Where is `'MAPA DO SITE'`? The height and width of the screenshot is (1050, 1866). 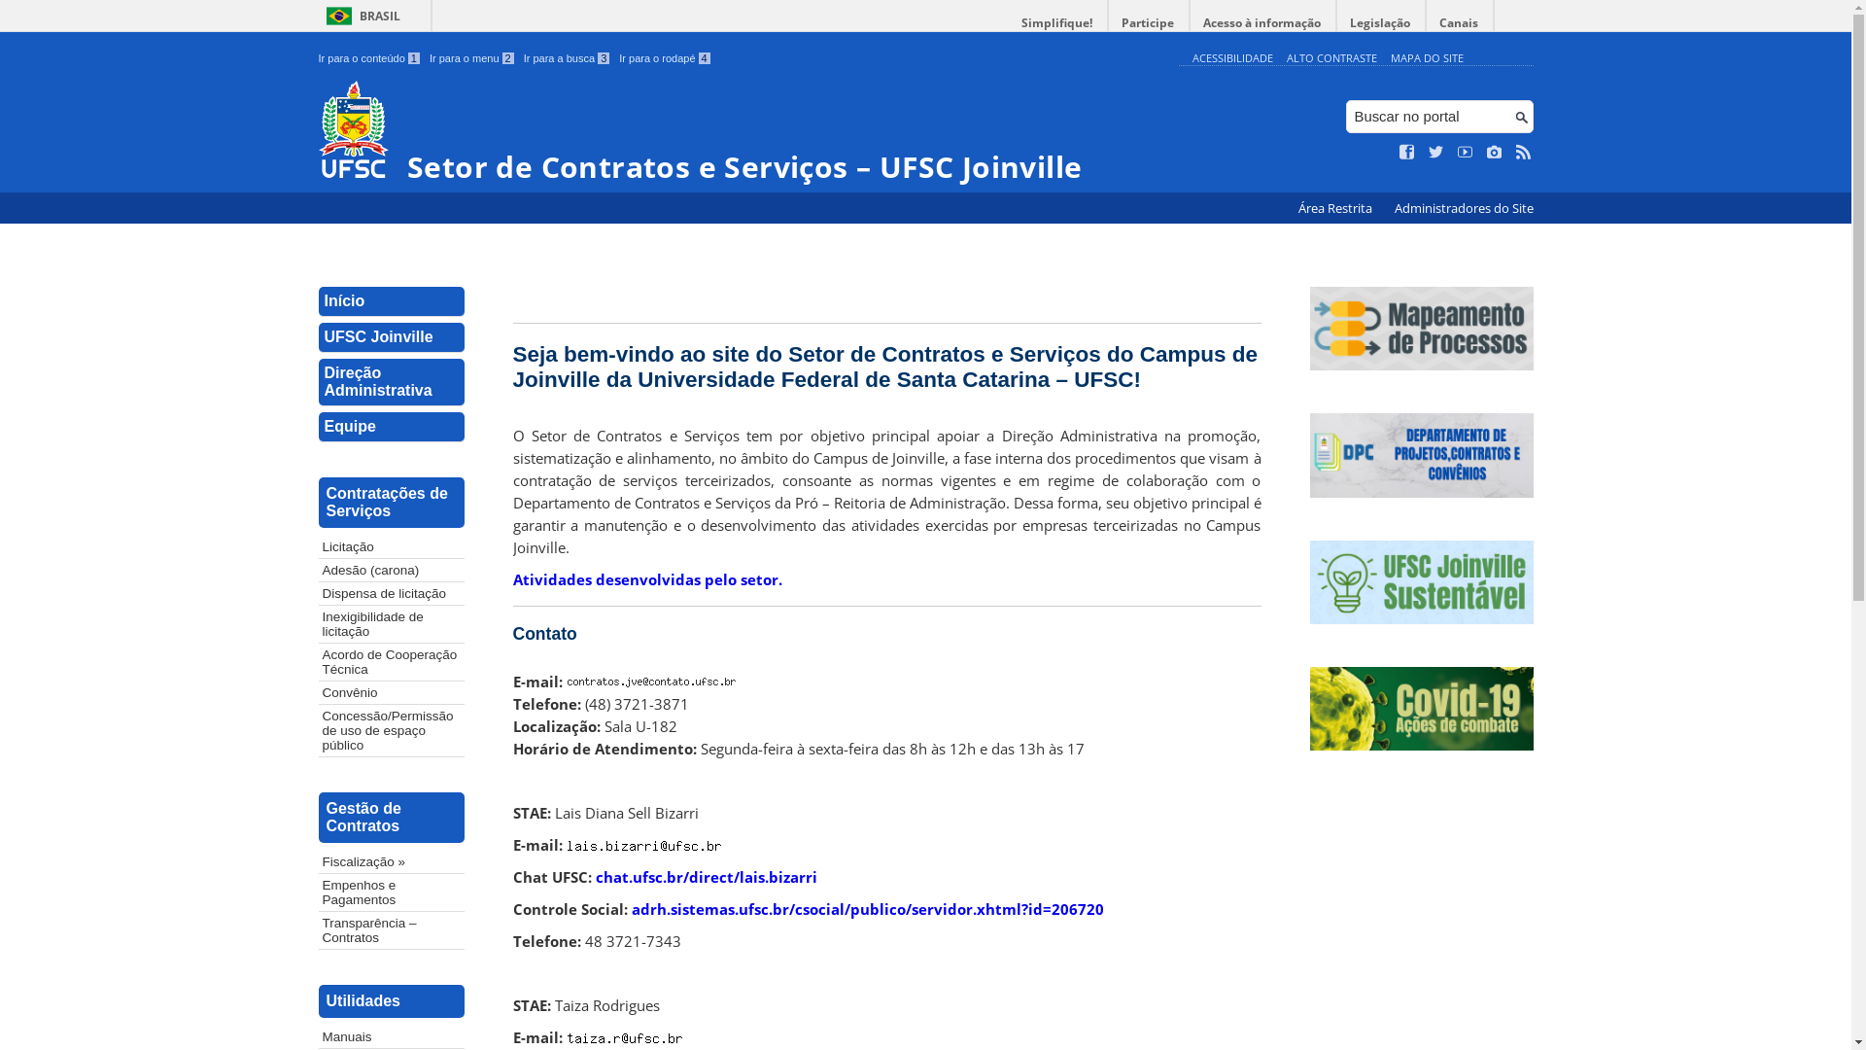 'MAPA DO SITE' is located at coordinates (1426, 56).